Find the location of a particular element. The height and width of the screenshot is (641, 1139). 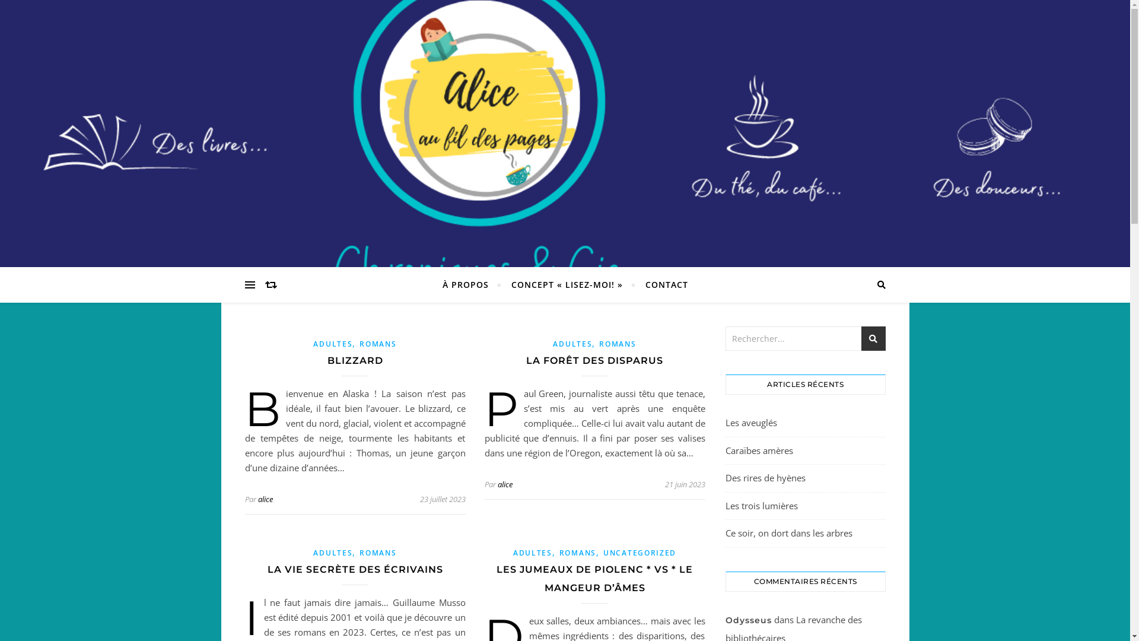

'BLIZZARD' is located at coordinates (327, 360).